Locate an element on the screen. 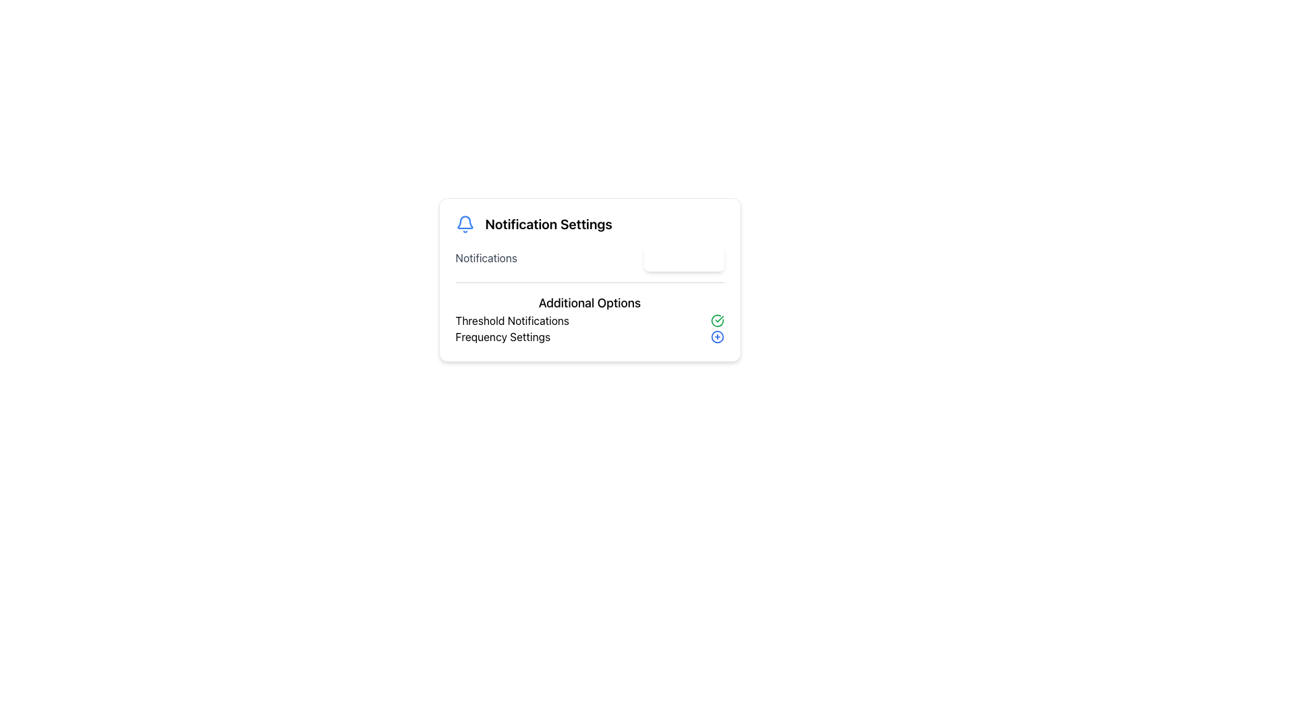  the circular SVG element with a blue outer stroke, part of the addition icon located at the bottom-right section of the interface, next to the 'Frequency Settings' label is located at coordinates (716, 336).